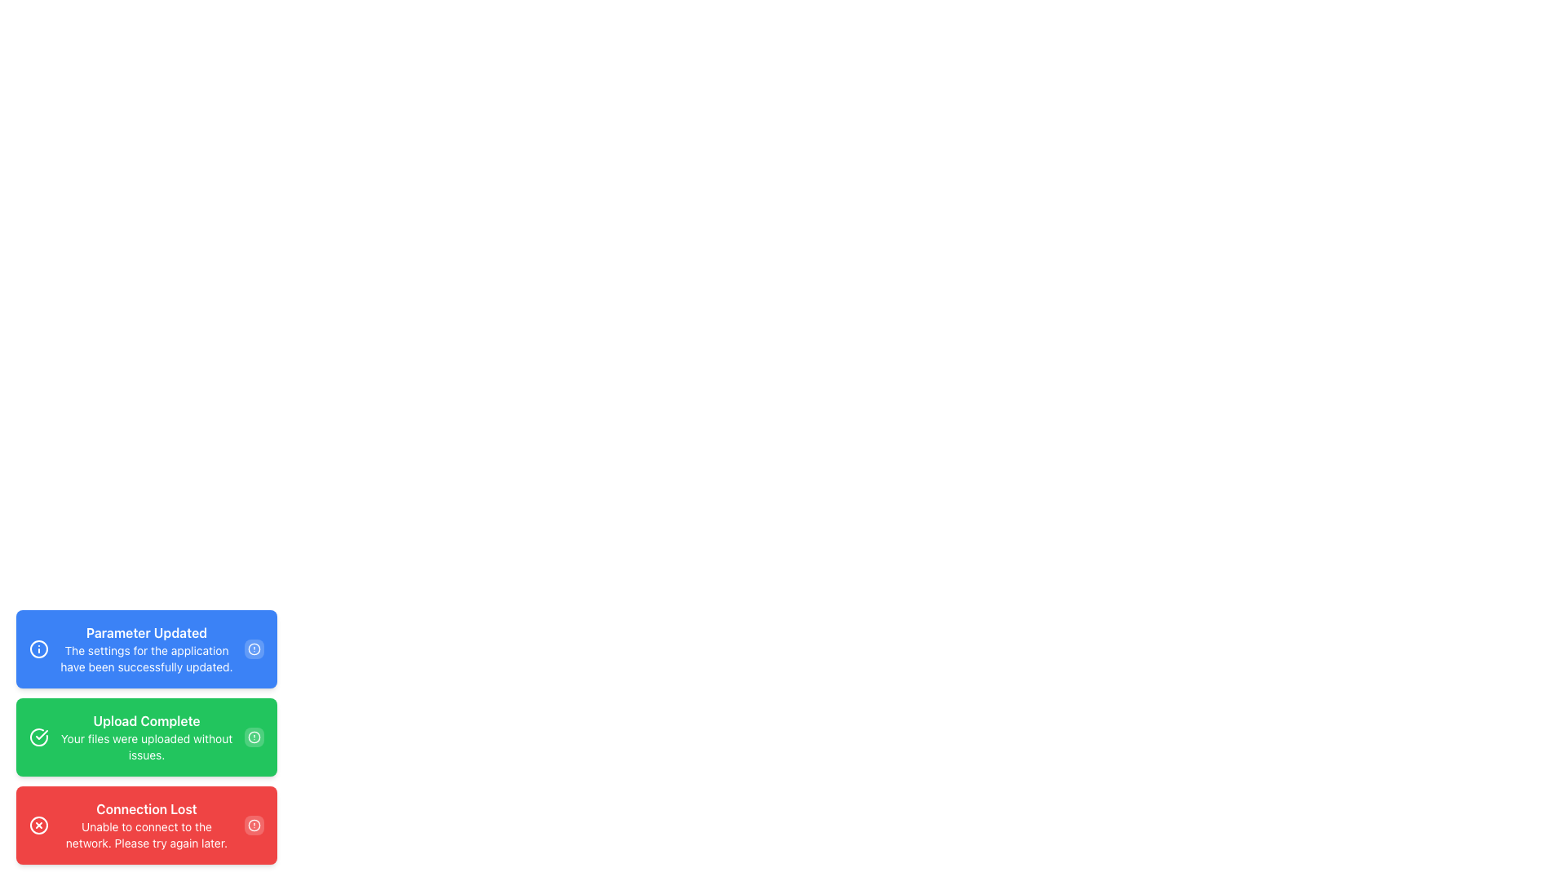  I want to click on the Icon button located at the far right of the 'Upload Complete' notification card, so click(254, 737).